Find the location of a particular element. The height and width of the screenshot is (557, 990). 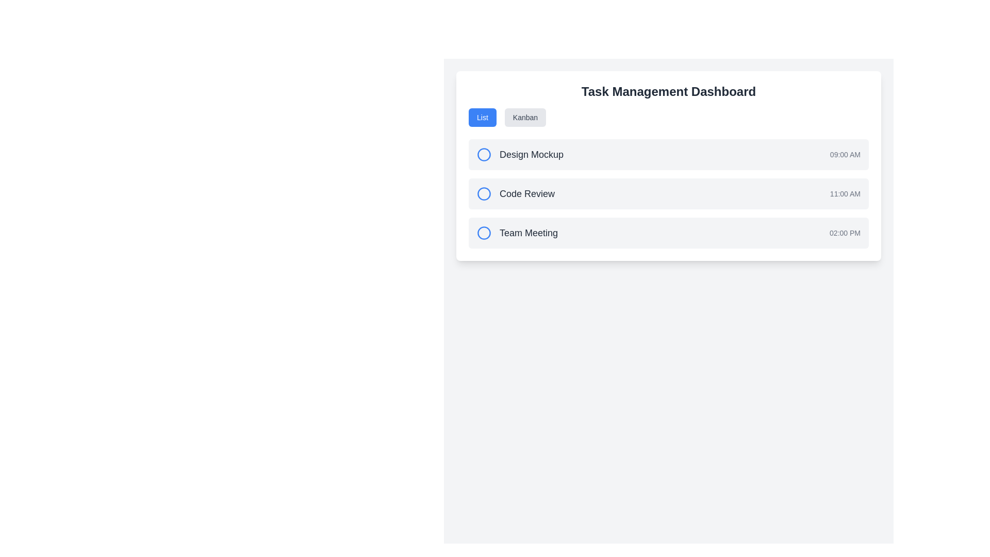

the second list item displaying 'Code Review' is located at coordinates (668, 193).